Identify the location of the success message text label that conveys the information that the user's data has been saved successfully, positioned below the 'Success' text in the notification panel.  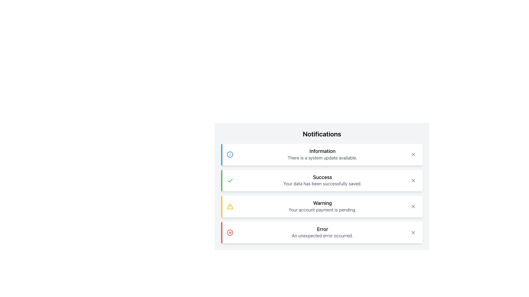
(322, 183).